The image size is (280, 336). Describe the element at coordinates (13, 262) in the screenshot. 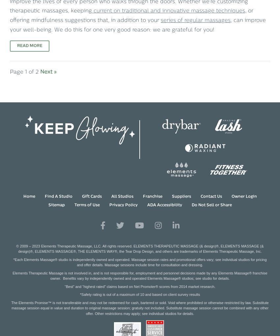

I see `'*Each Elements Massage® studio is independently owned and operated. Massage session rates and promotional offers vary; see individual studios for pricing and offer details. Massage sessions include time for consultation and dressing.'` at that location.